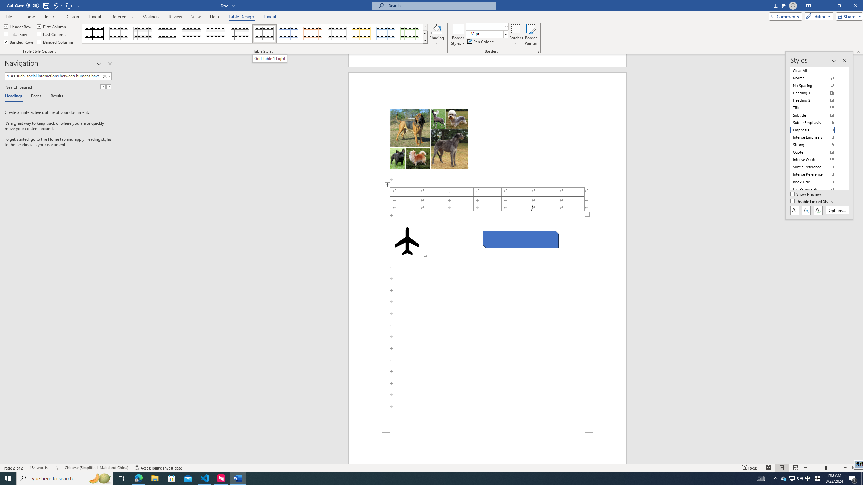  Describe the element at coordinates (313, 33) in the screenshot. I see `'Grid Table 1 Light - Accent 2'` at that location.